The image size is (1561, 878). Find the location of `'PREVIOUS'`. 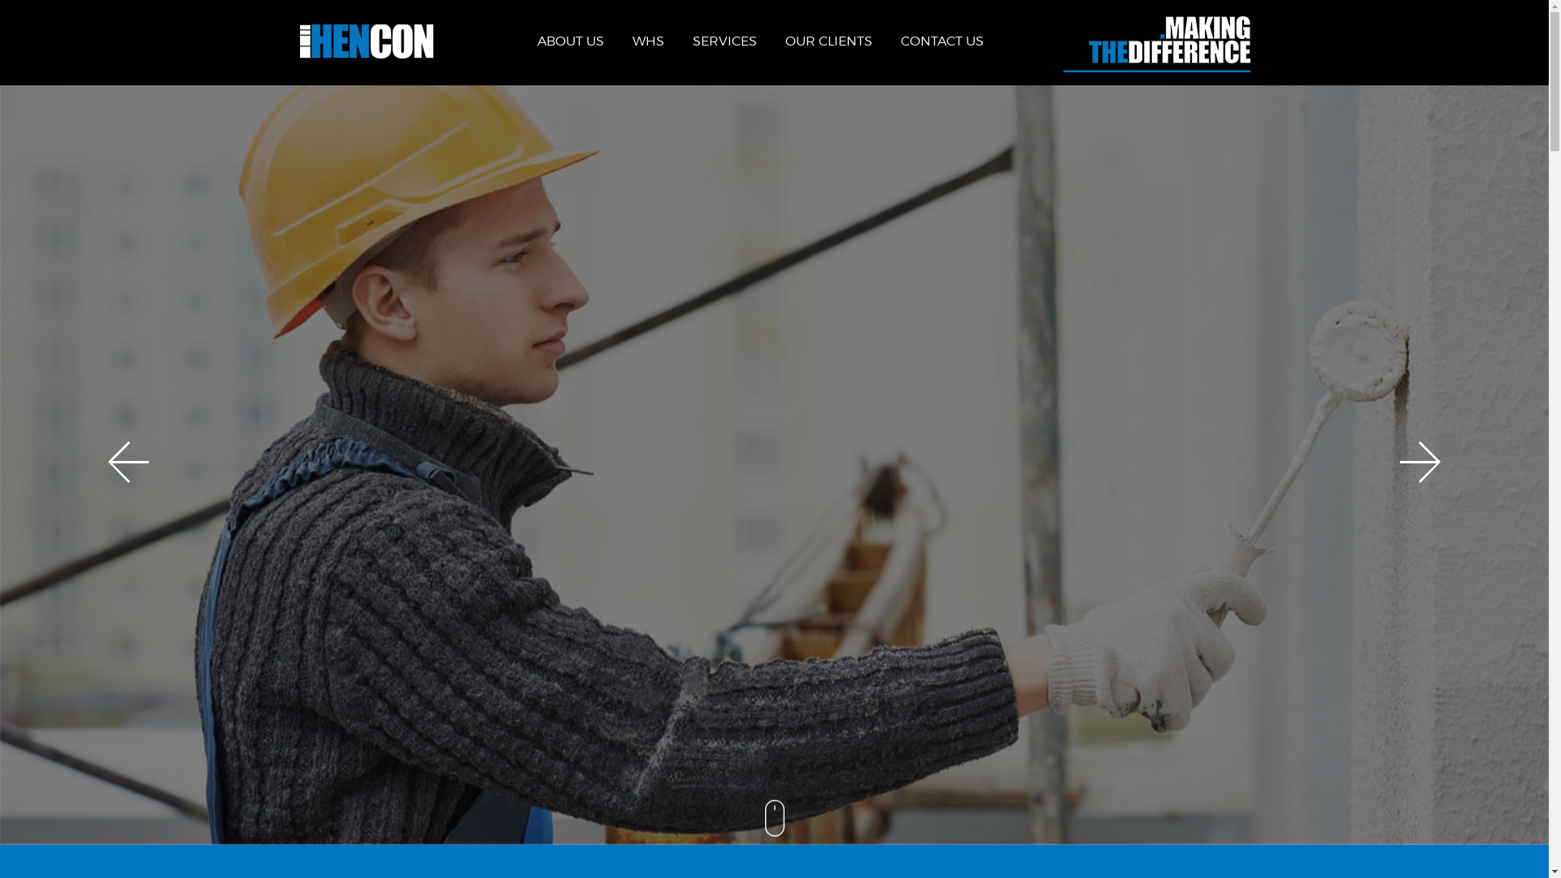

'PREVIOUS' is located at coordinates (128, 462).